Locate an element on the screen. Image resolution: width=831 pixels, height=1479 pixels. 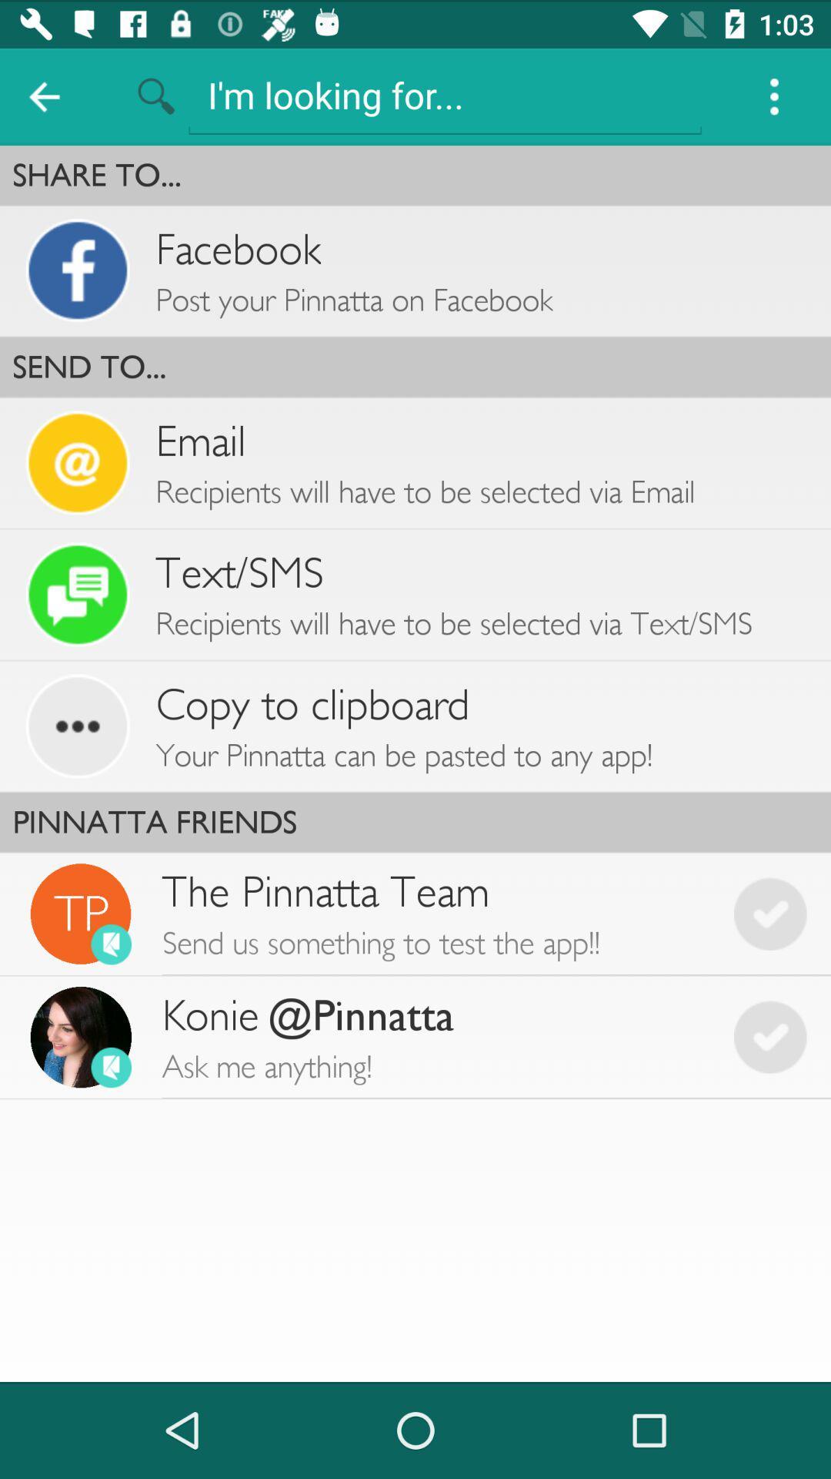
search is located at coordinates (445, 94).